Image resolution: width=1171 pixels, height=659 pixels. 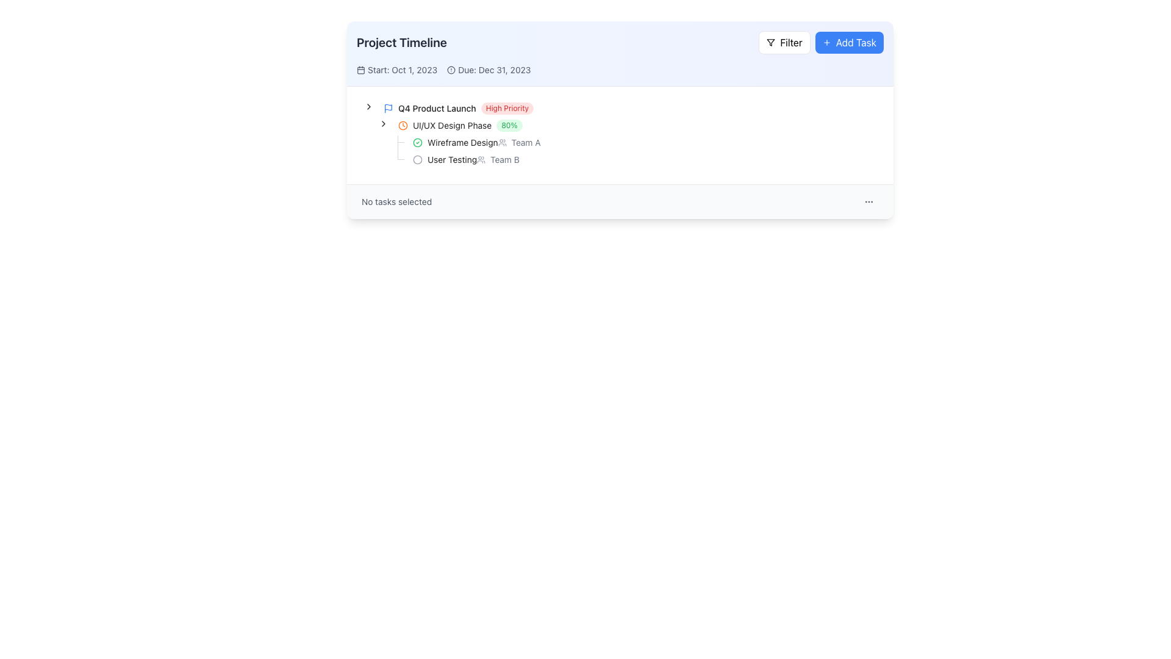 What do you see at coordinates (519, 142) in the screenshot?
I see `the text label indicating the team associated with the specific task or section it is under, located in the 'Wireframe Design' section of the 'UI/UX Design Phase'` at bounding box center [519, 142].